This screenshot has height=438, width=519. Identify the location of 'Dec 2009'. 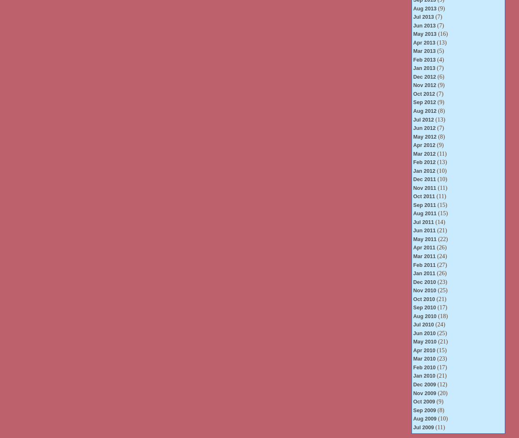
(424, 384).